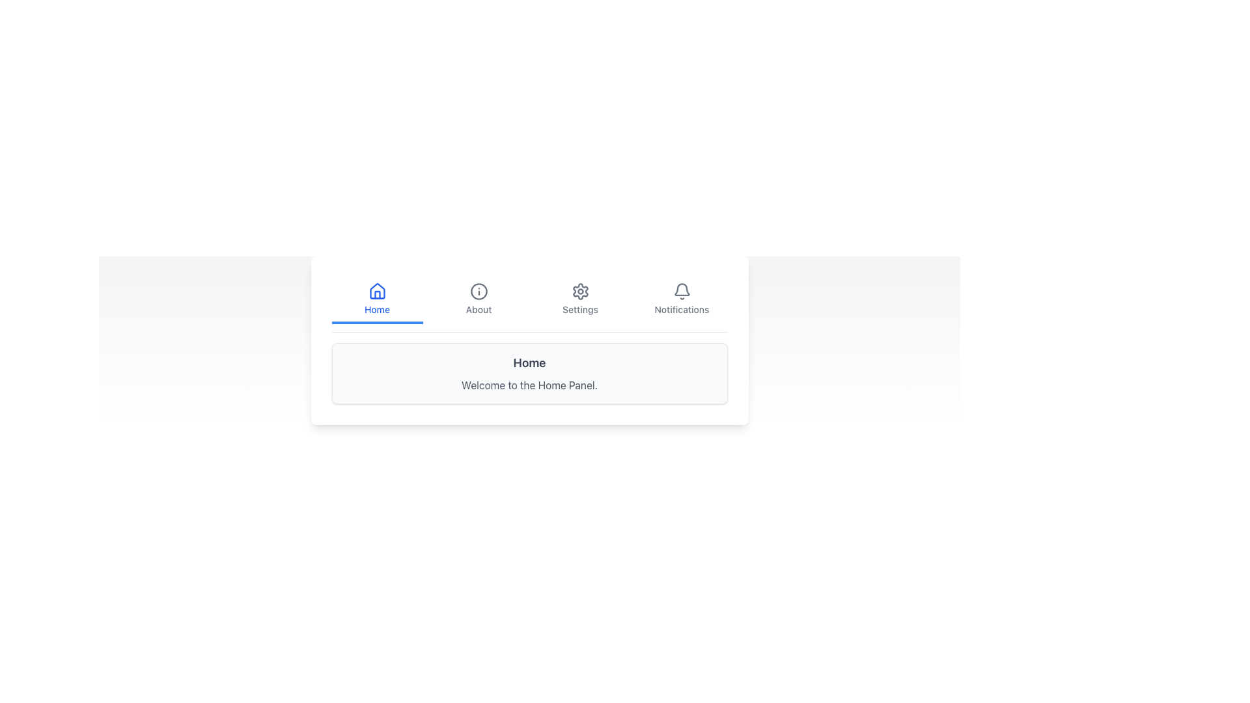 The width and height of the screenshot is (1250, 703). I want to click on the 'About' button, which features an 'i' icon within a circle and a text label below it. It is the second element in the horizontal navigation menu, positioned between 'Home' and 'Settings', so click(478, 301).